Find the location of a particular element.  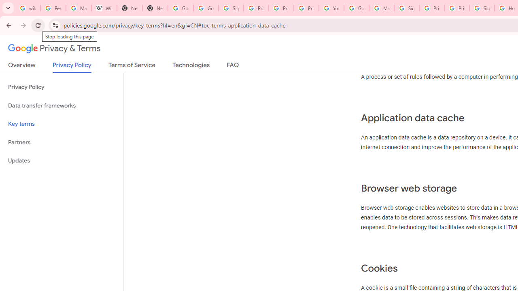

'New Tab' is located at coordinates (155, 8).